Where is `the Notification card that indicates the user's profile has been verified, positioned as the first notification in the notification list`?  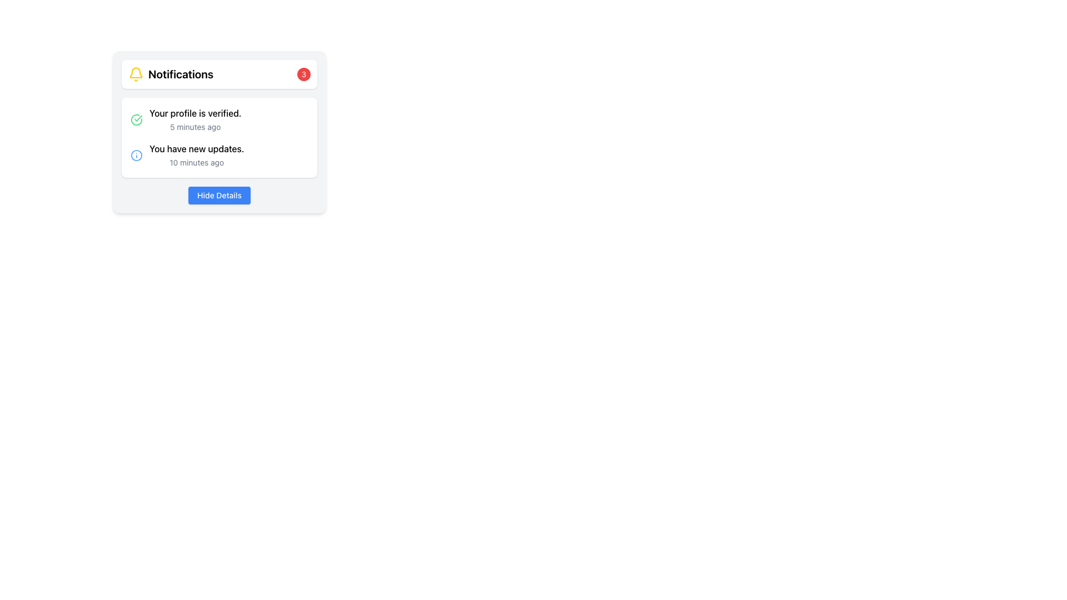 the Notification card that indicates the user's profile has been verified, positioned as the first notification in the notification list is located at coordinates (219, 120).